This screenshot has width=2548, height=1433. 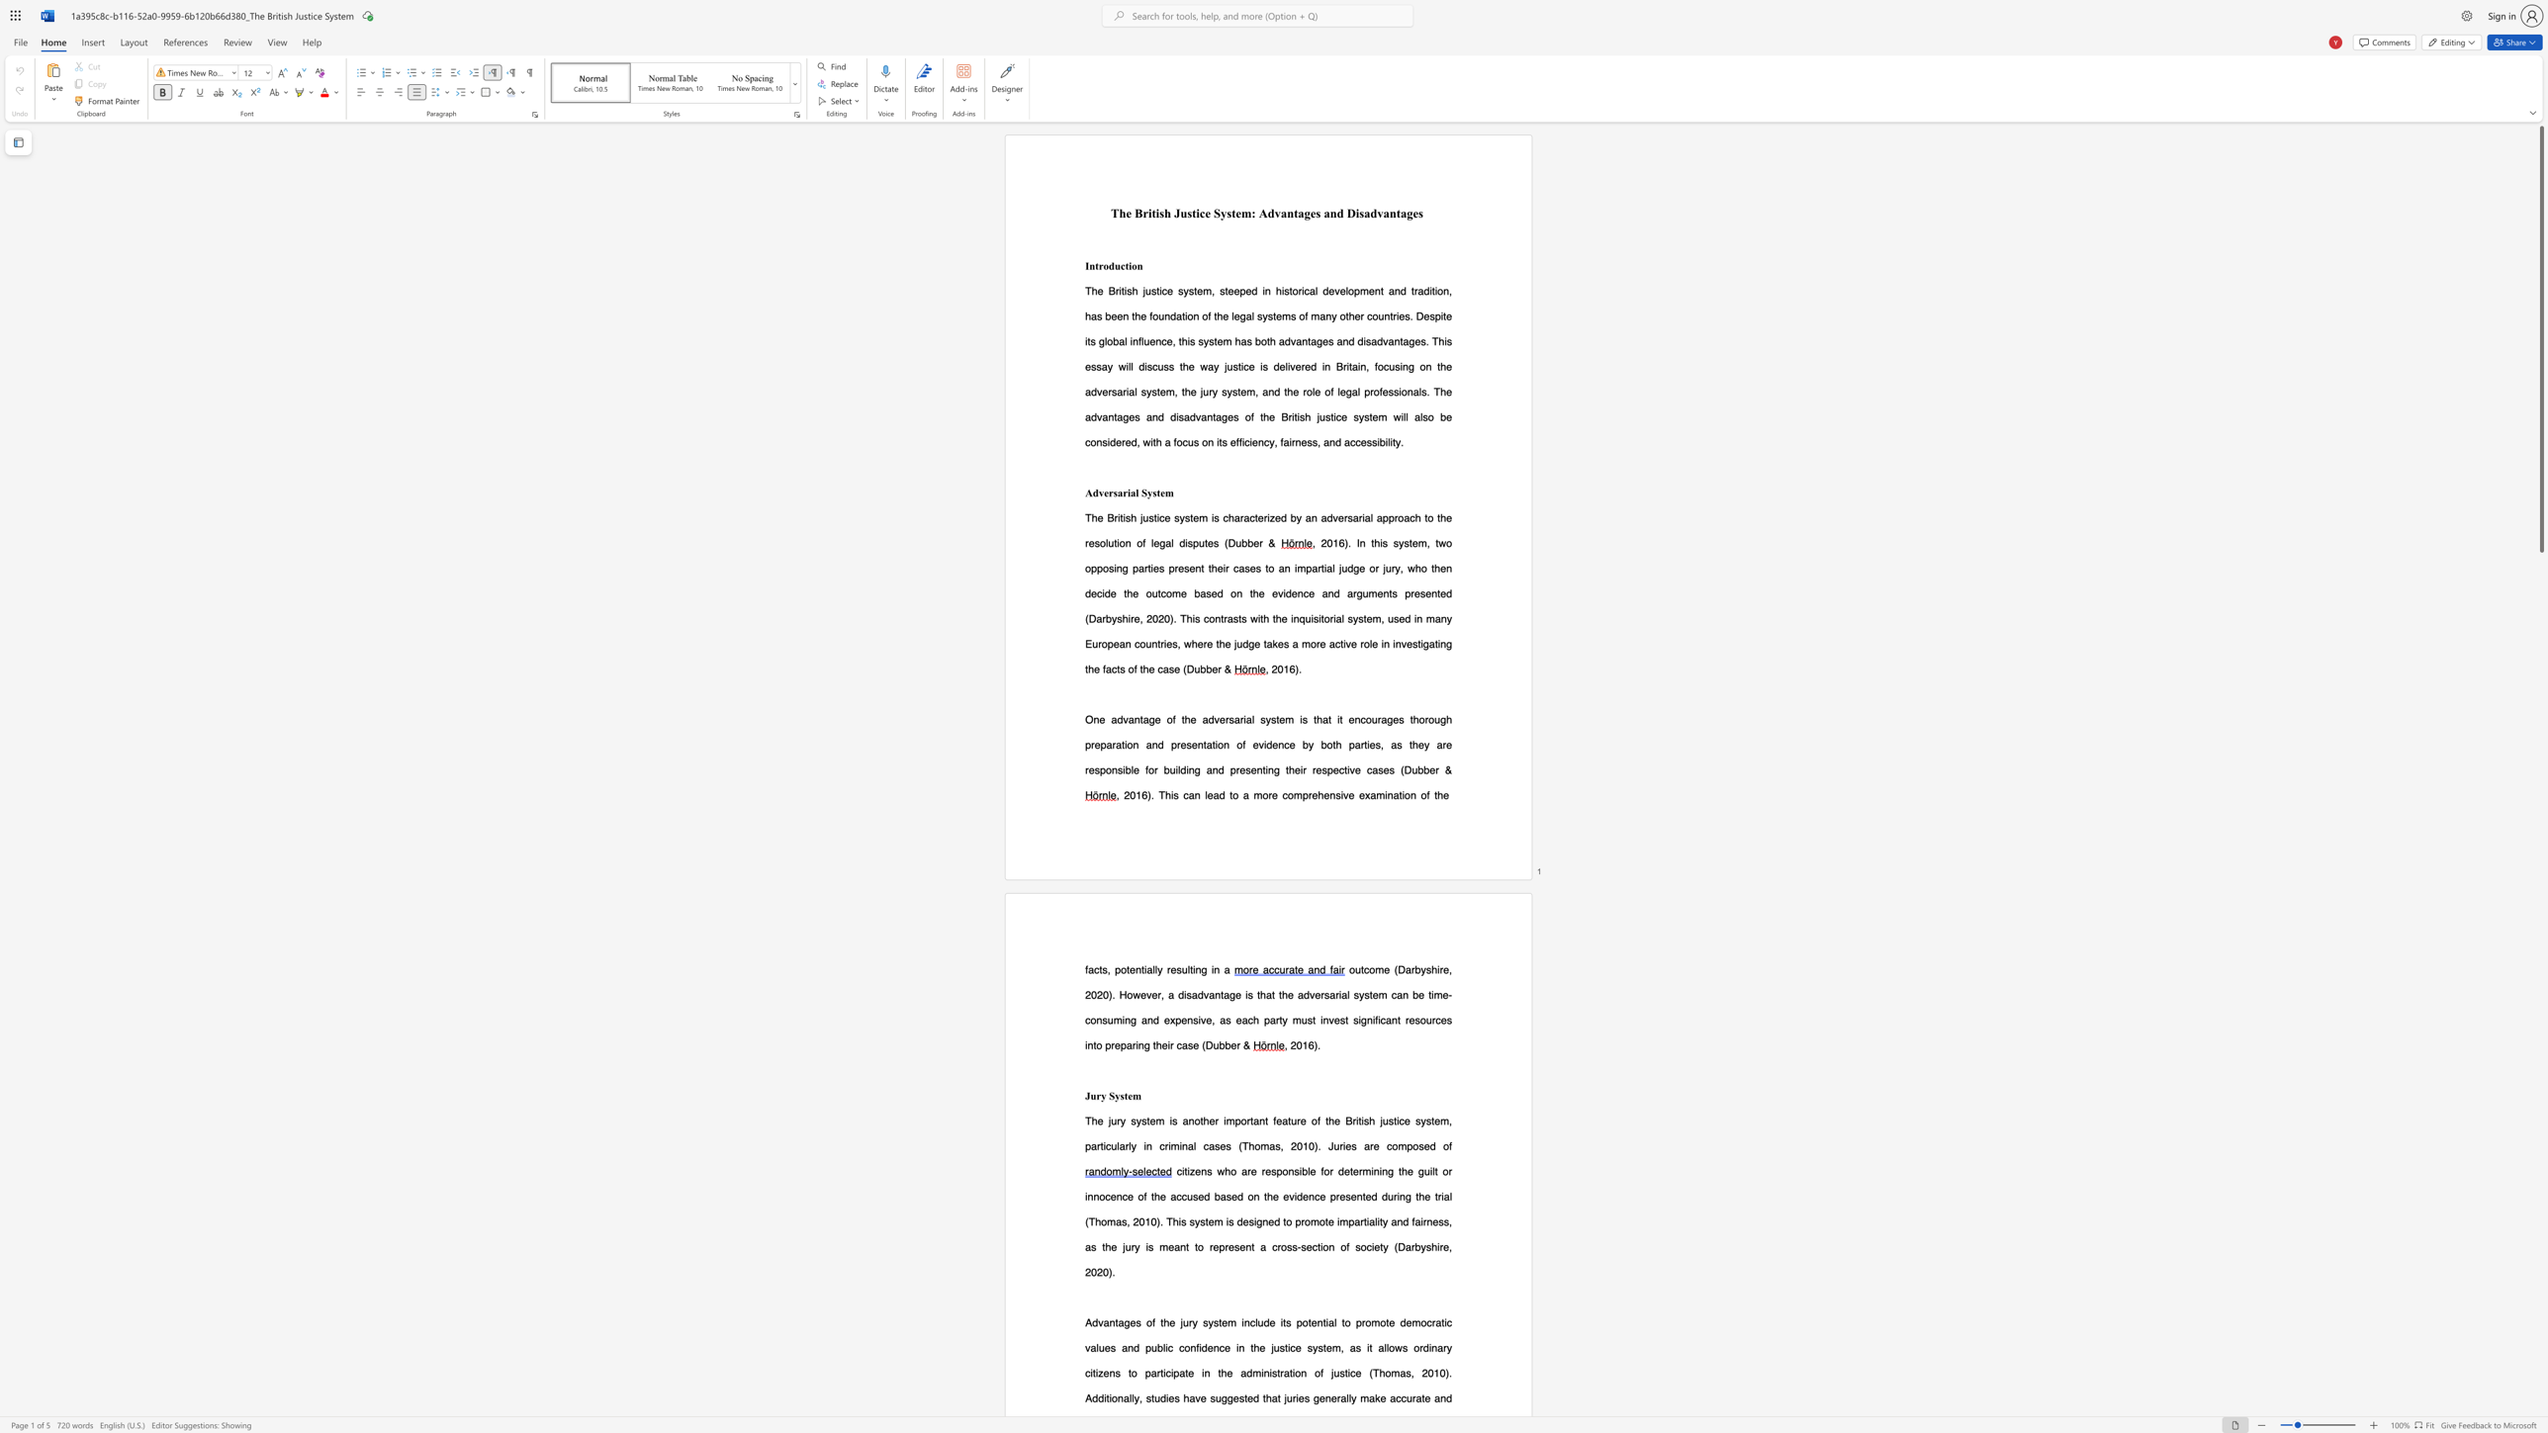 What do you see at coordinates (1401, 968) in the screenshot?
I see `the 1th character "D" in the text` at bounding box center [1401, 968].